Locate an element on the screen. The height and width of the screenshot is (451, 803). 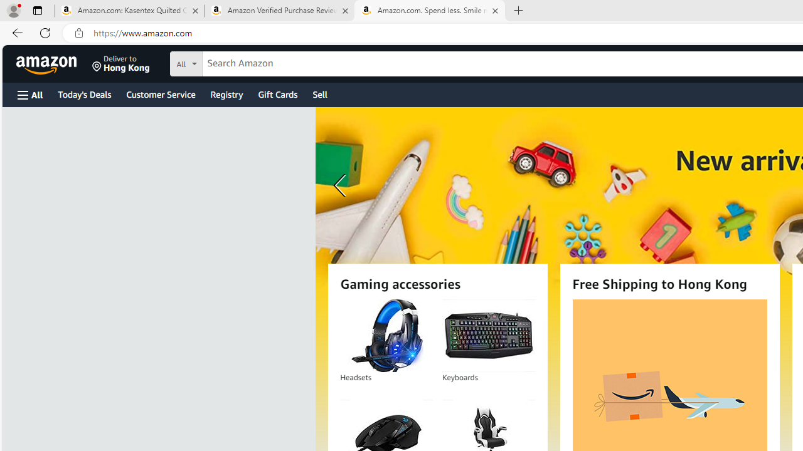
'Amazon Verified Purchase Reviews - Amazon Customer Service' is located at coordinates (279, 11).